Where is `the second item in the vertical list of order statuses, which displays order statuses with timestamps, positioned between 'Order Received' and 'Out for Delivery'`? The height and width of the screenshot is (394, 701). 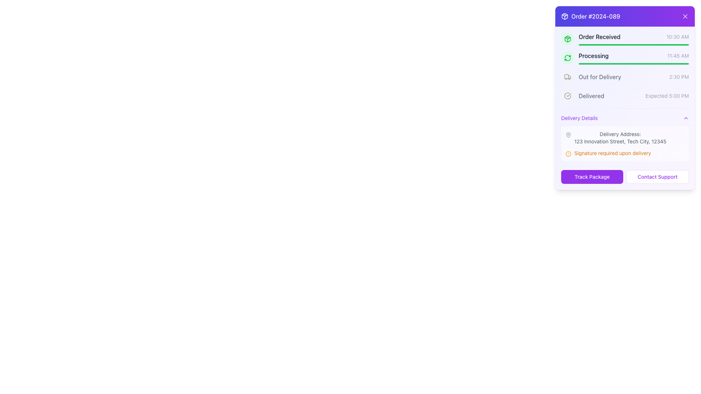 the second item in the vertical list of order statuses, which displays order statuses with timestamps, positioned between 'Order Received' and 'Out for Delivery' is located at coordinates (625, 67).